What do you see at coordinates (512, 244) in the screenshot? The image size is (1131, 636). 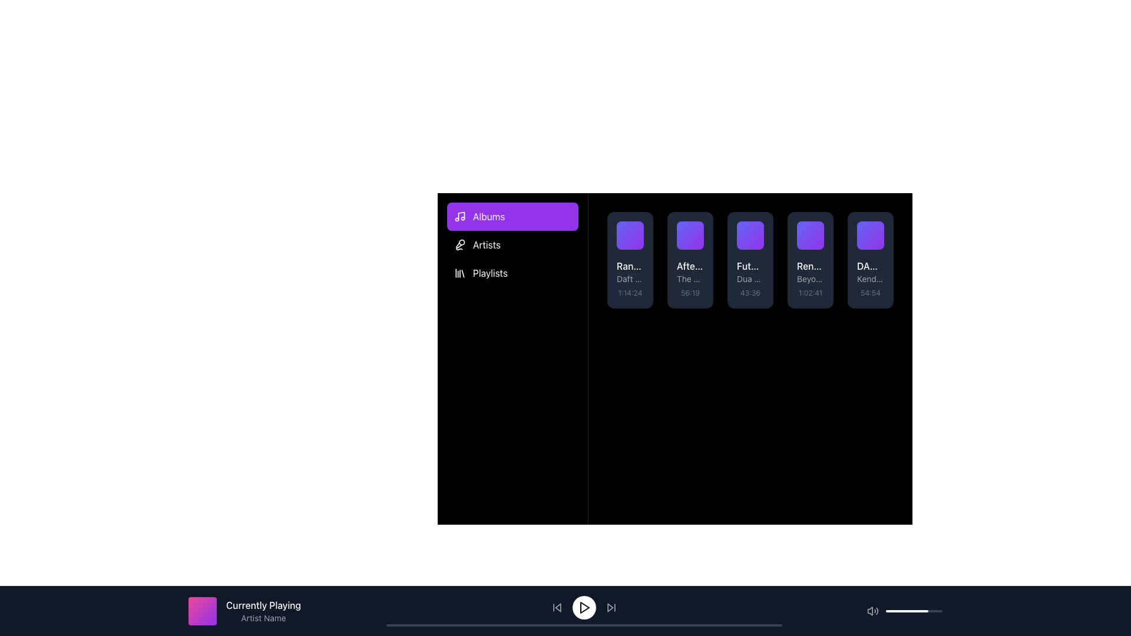 I see `the 'Artists' list item in the vertical navigation sidebar` at bounding box center [512, 244].